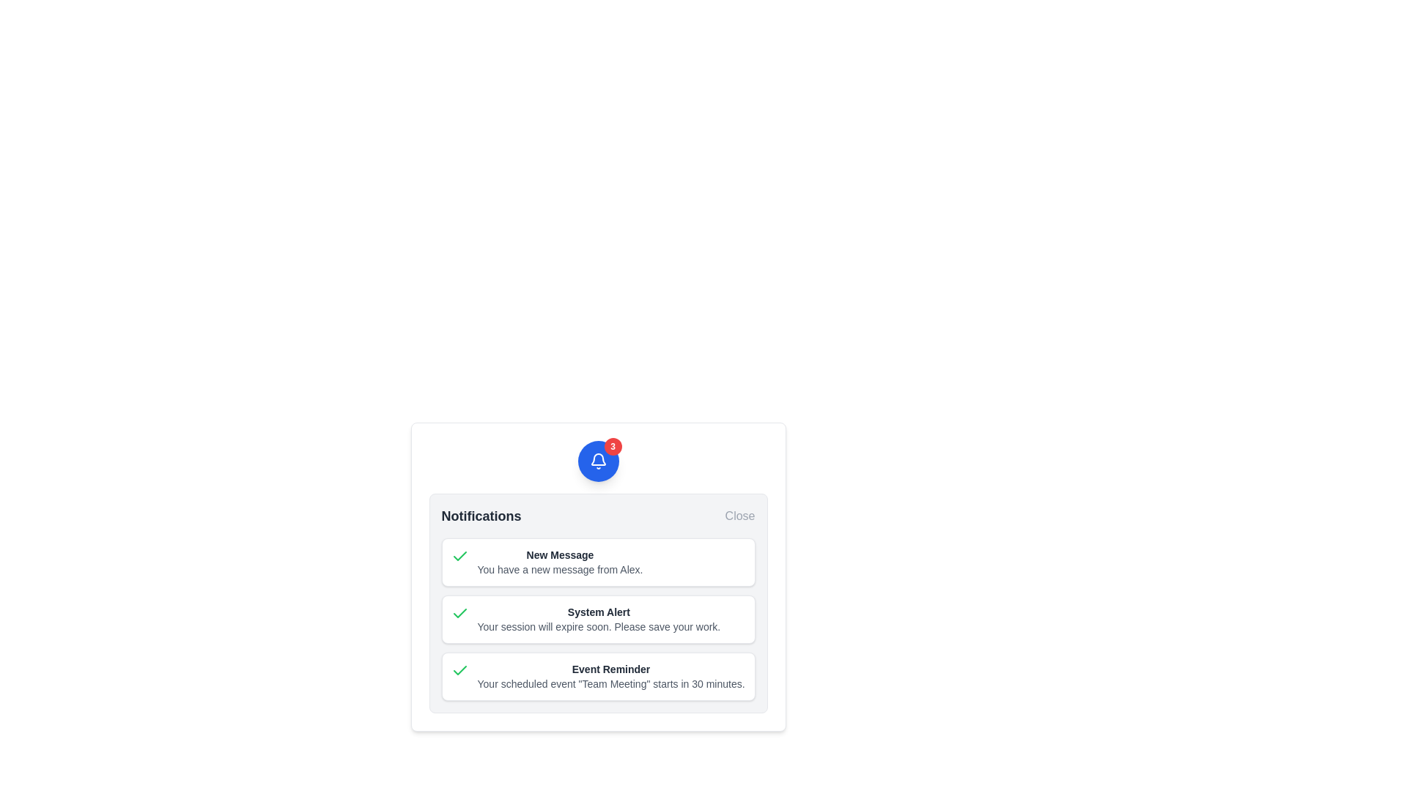 Image resolution: width=1407 pixels, height=791 pixels. I want to click on the static text element that displays 'New Message' in bold dark gray and 'You have a new message from Alex.' in lighter gray, located in the topmost notification panel, so click(559, 561).